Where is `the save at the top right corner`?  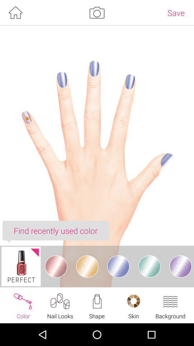 the save at the top right corner is located at coordinates (176, 12).